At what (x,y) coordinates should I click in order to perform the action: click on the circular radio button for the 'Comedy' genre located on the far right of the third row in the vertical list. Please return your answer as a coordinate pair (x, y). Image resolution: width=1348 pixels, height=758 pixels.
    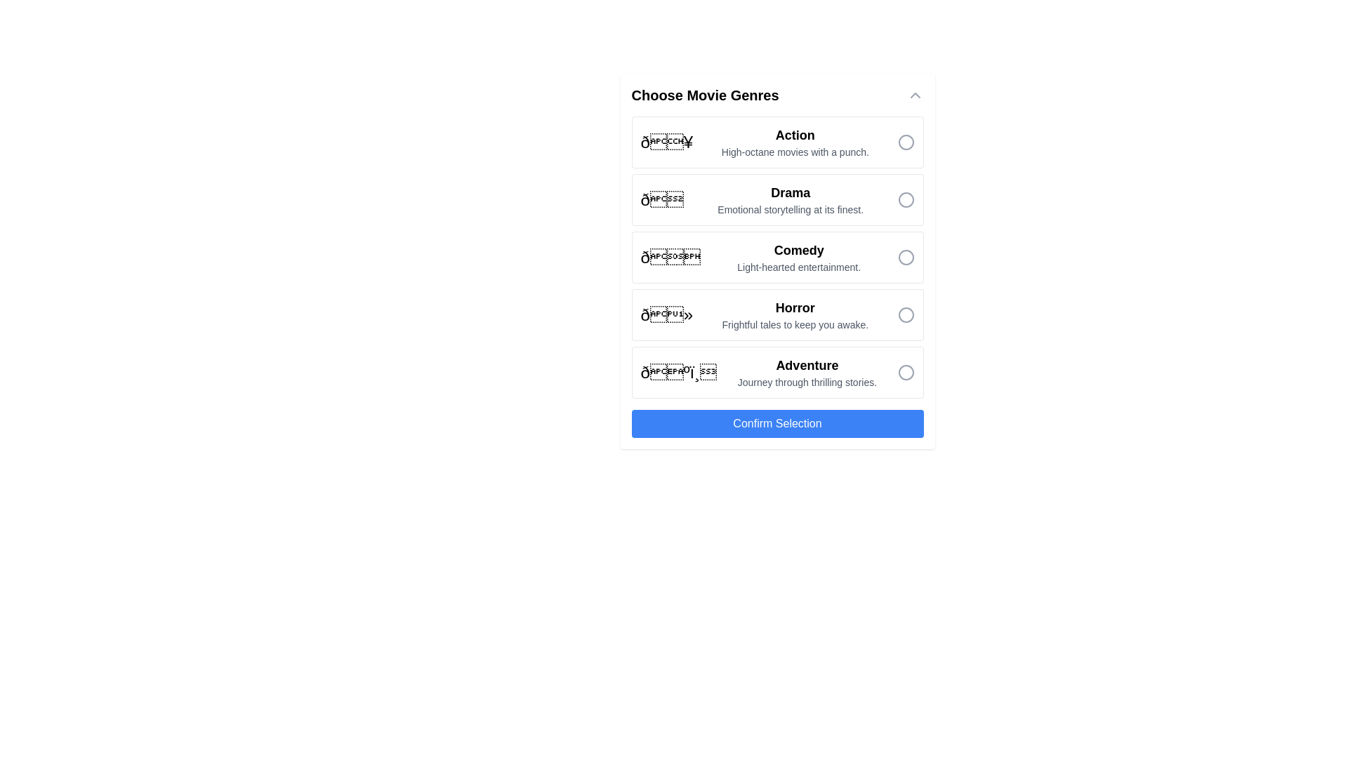
    Looking at the image, I should click on (906, 257).